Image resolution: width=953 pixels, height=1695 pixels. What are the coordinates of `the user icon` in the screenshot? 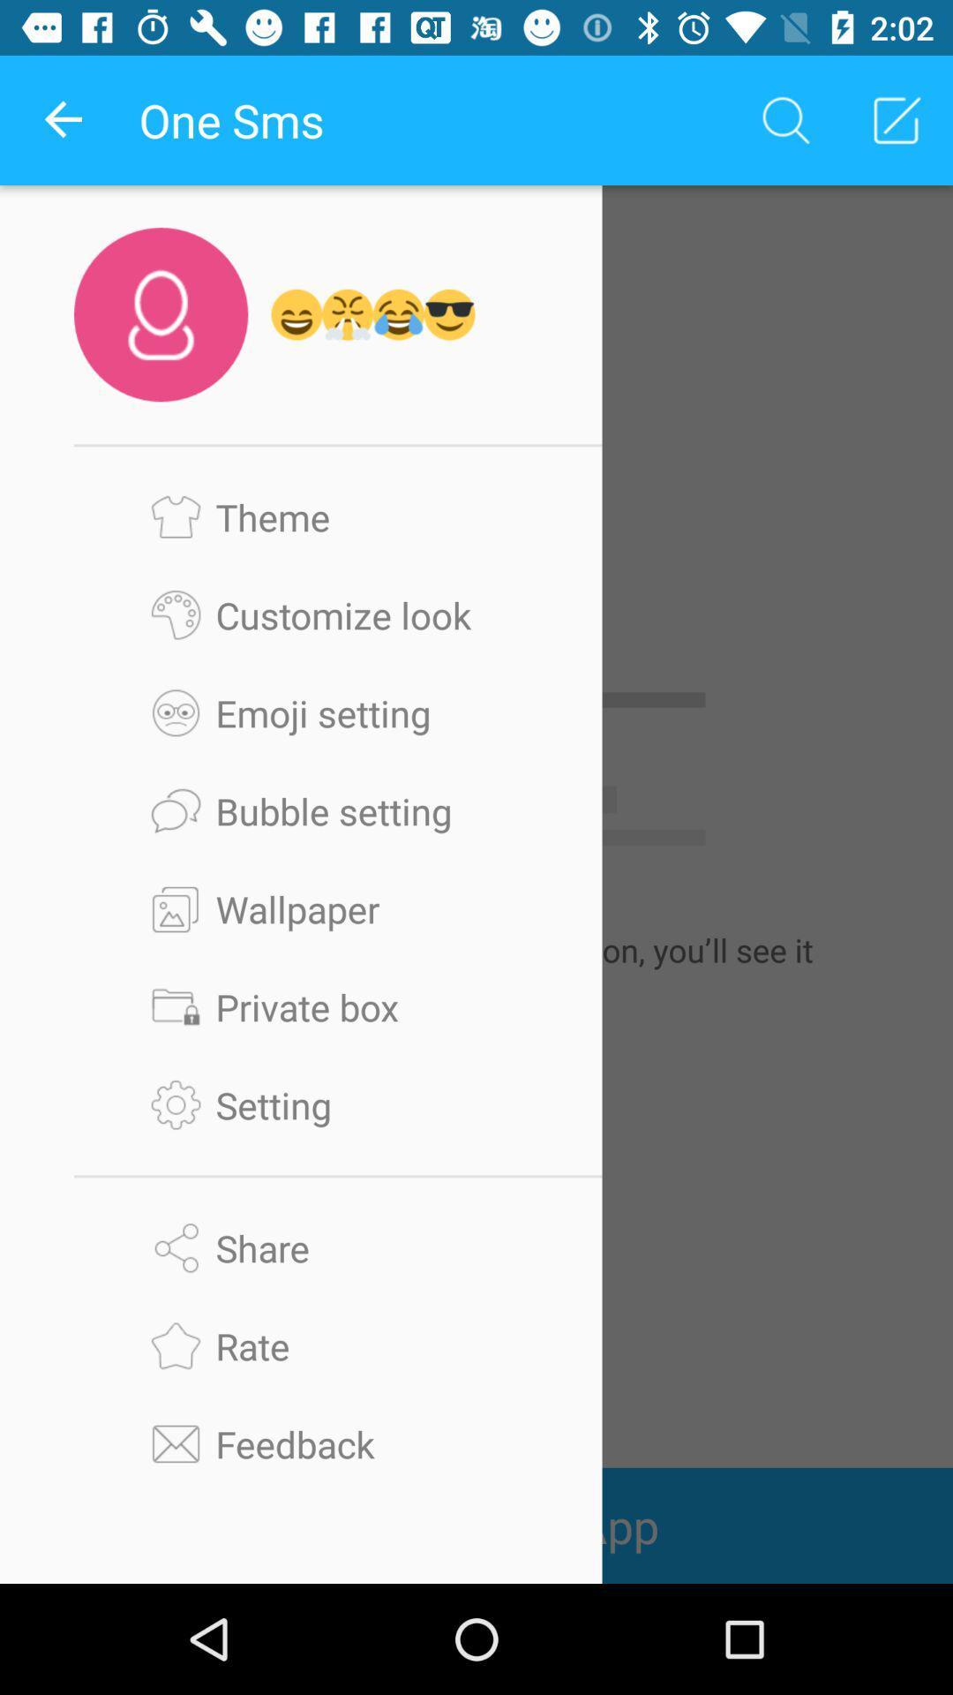 It's located at (161, 314).